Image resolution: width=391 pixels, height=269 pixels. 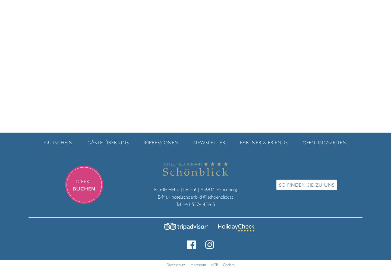 What do you see at coordinates (195, 189) in the screenshot?
I see `'Familie Hehle | Dorf 6 | A-6911 Eichenberg'` at bounding box center [195, 189].